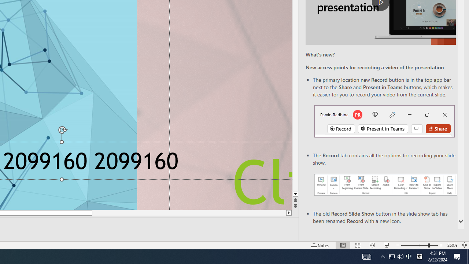  Describe the element at coordinates (452, 245) in the screenshot. I see `'Zoom 260%'` at that location.